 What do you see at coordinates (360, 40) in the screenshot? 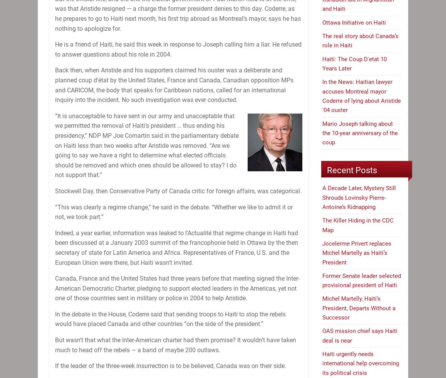
I see `'The real story about Canada’s role in Haiti'` at bounding box center [360, 40].